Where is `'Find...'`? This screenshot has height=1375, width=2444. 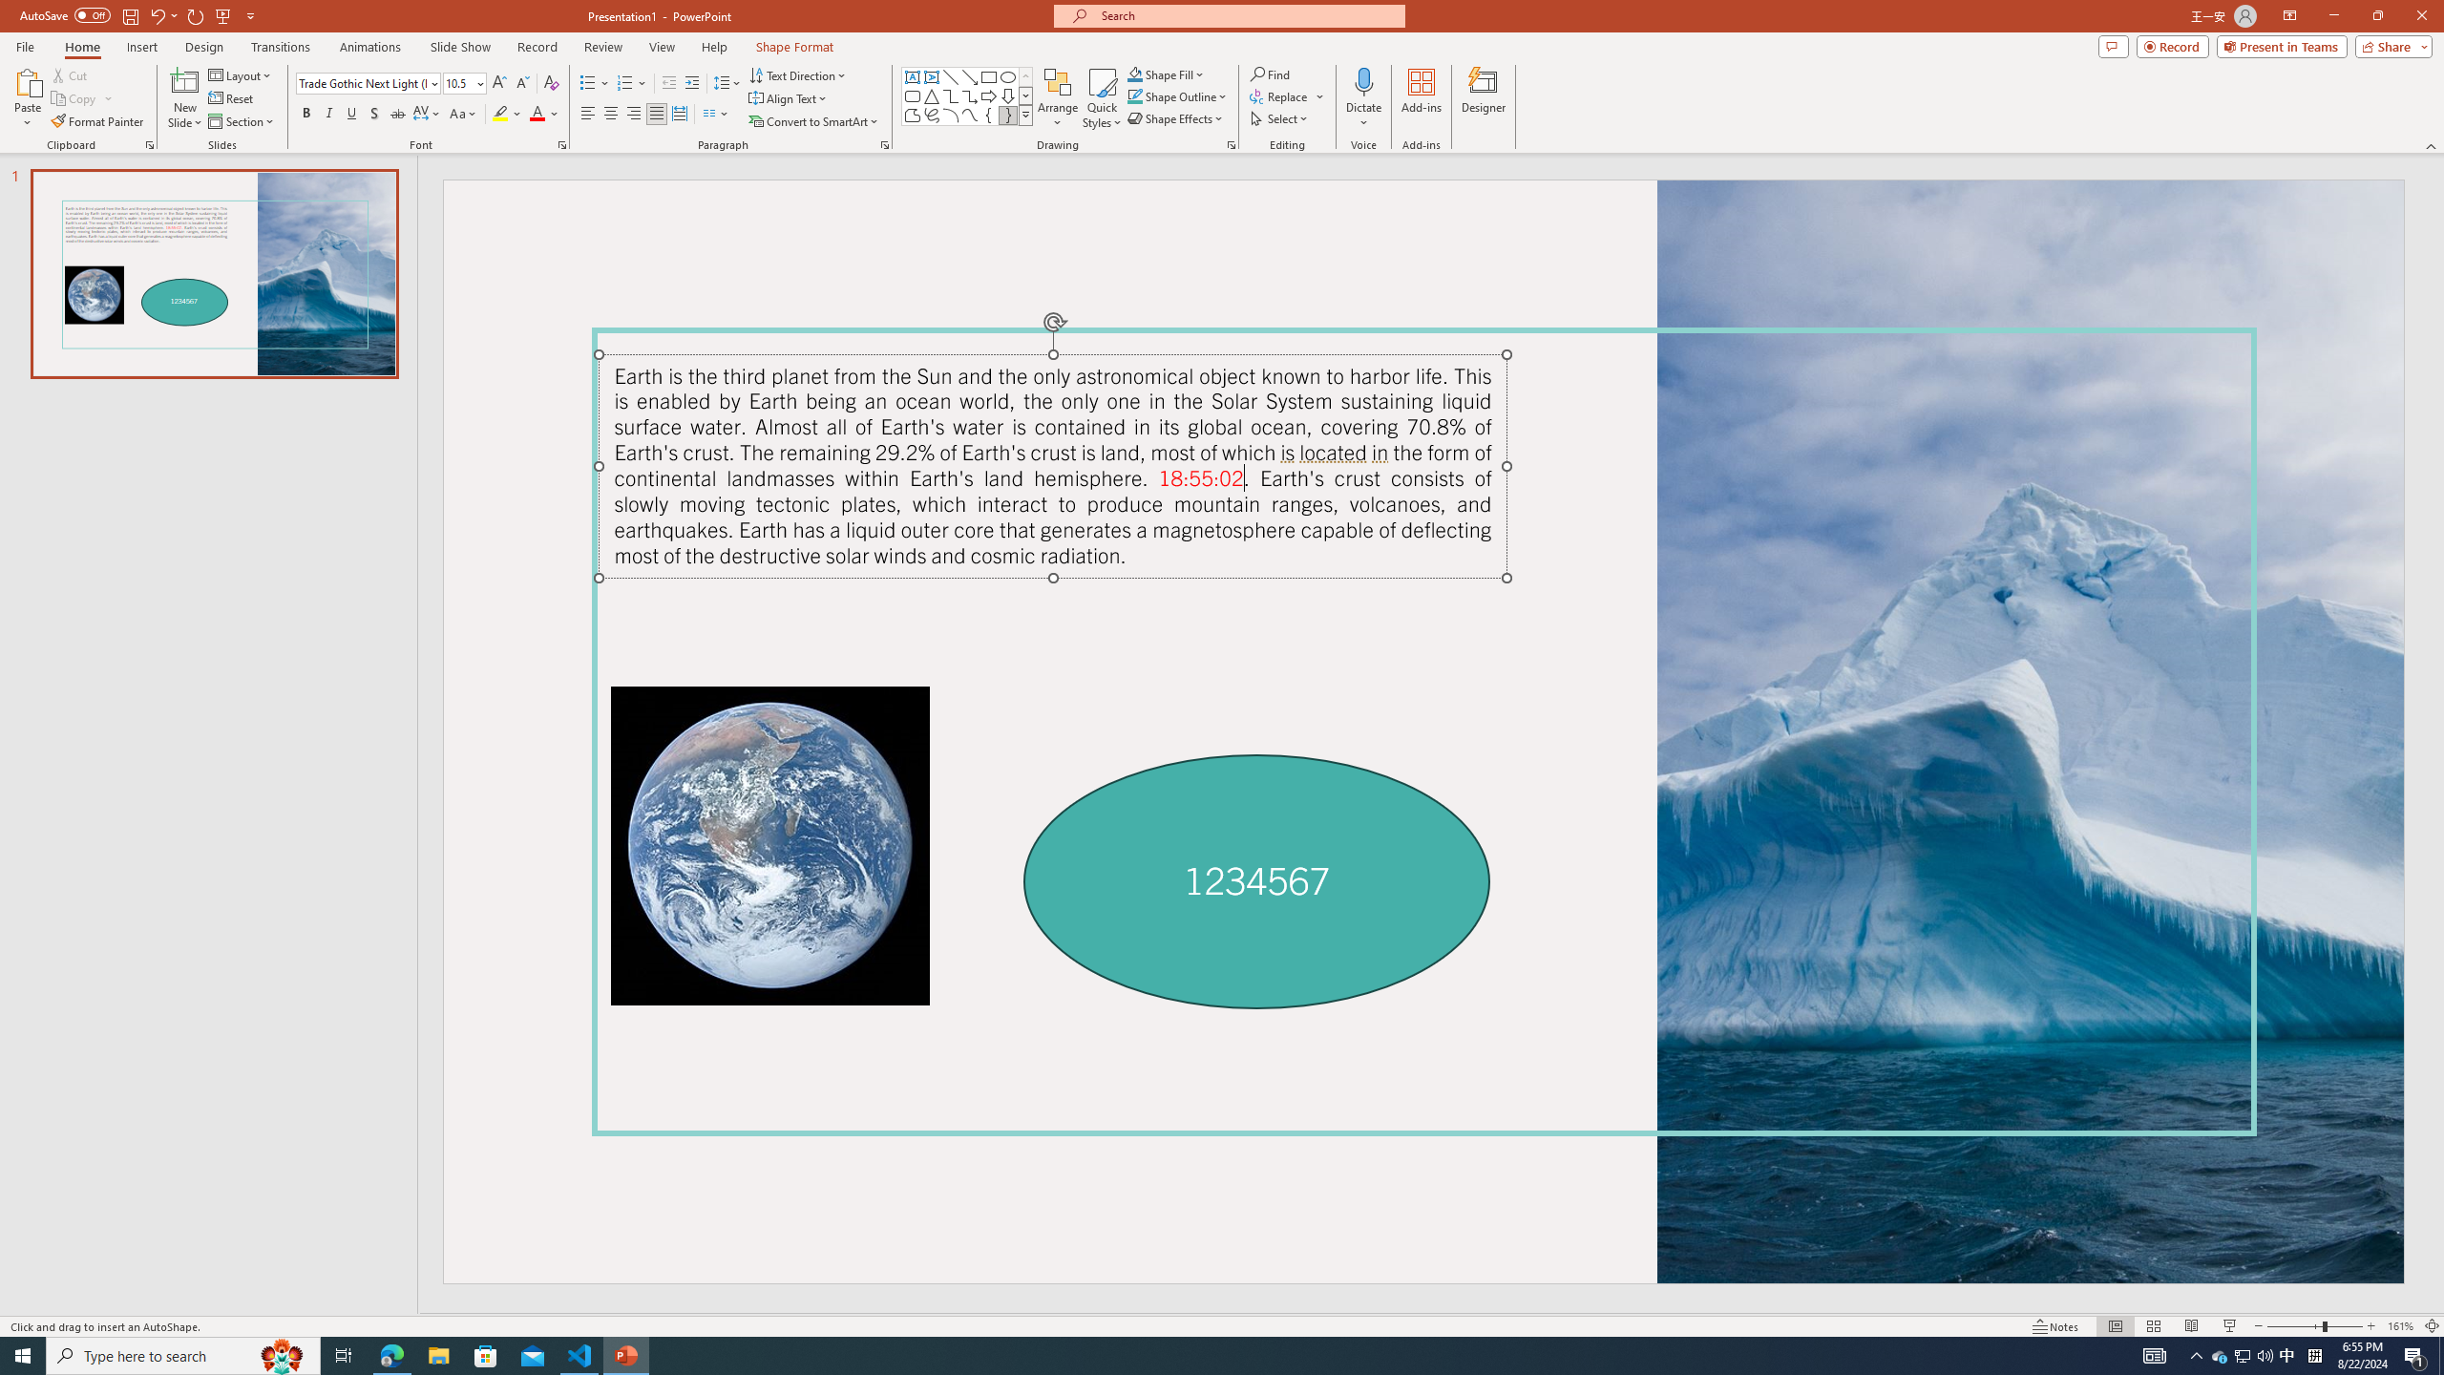
'Find...' is located at coordinates (1270, 74).